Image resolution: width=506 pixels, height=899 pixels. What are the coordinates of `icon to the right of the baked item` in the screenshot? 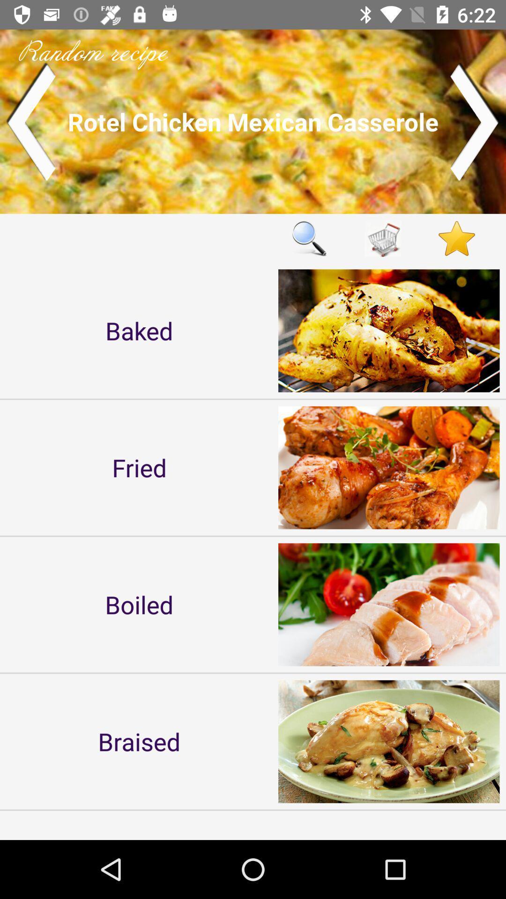 It's located at (309, 238).